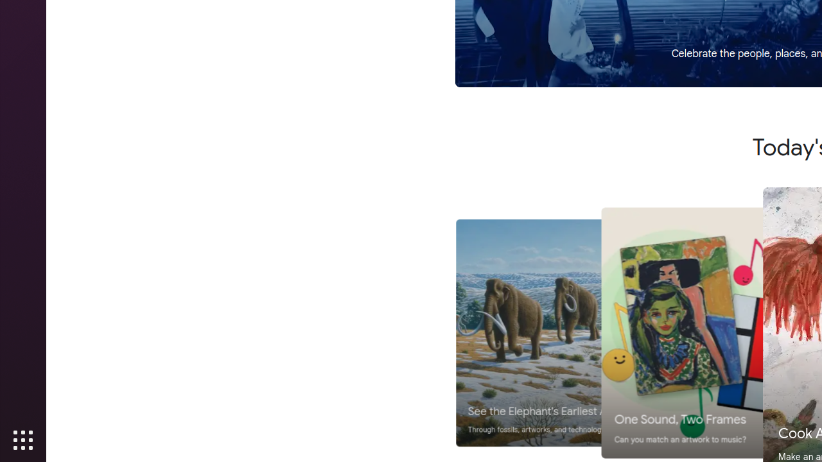 The width and height of the screenshot is (822, 462). Describe the element at coordinates (22, 440) in the screenshot. I see `'Show Applications'` at that location.